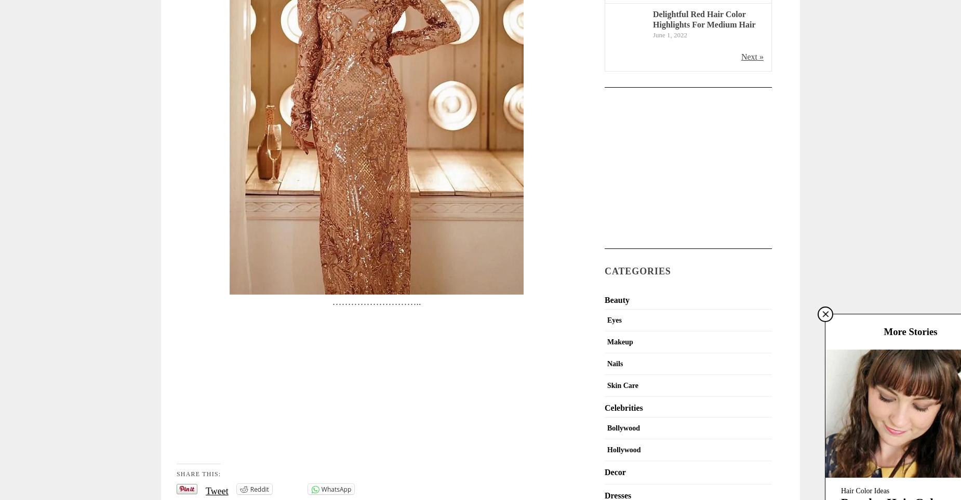  Describe the element at coordinates (607, 363) in the screenshot. I see `'Nails'` at that location.